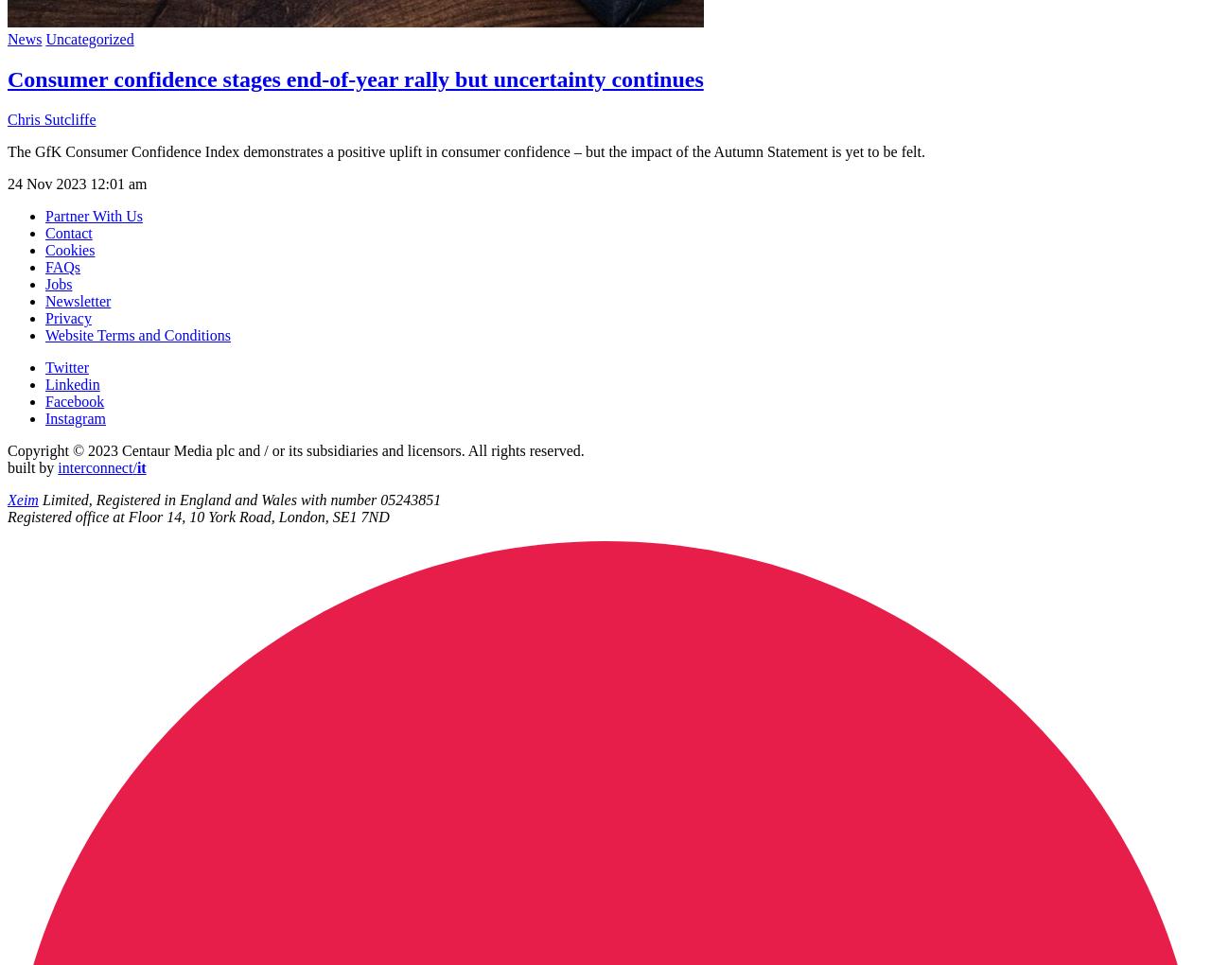 Image resolution: width=1211 pixels, height=965 pixels. What do you see at coordinates (51, 117) in the screenshot?
I see `'Chris Sutcliffe'` at bounding box center [51, 117].